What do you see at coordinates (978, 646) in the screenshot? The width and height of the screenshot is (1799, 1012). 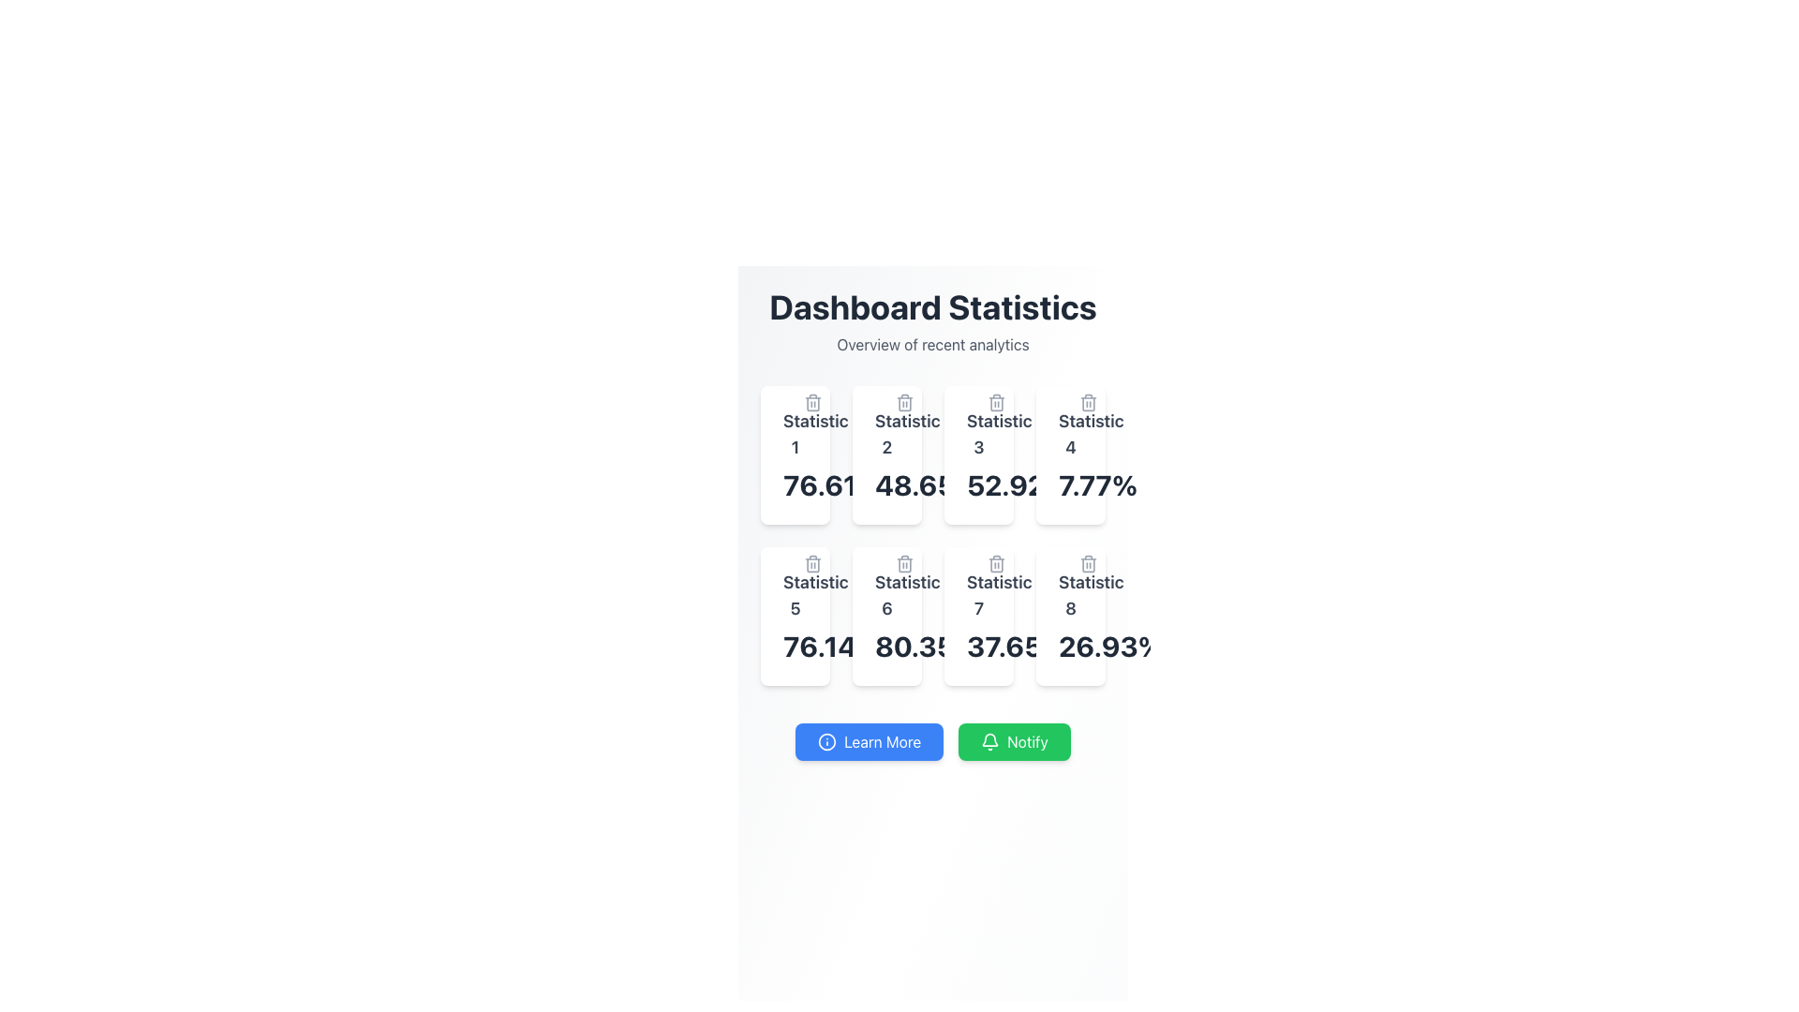 I see `the text label displaying a percentage value located in the 'Statistic 7' card, which is the third card from the left in the lower row of the statistics grid` at bounding box center [978, 646].